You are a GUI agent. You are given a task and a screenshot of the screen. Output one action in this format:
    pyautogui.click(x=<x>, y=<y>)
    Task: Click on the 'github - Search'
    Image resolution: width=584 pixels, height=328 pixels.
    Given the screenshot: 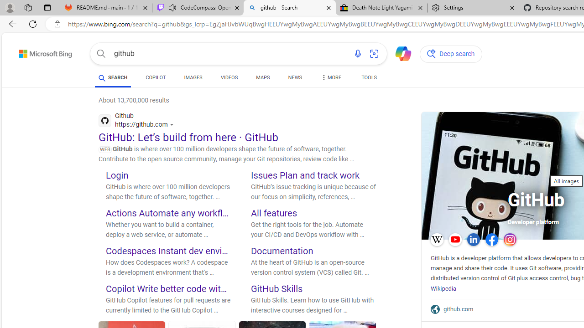 What is the action you would take?
    pyautogui.click(x=289, y=8)
    